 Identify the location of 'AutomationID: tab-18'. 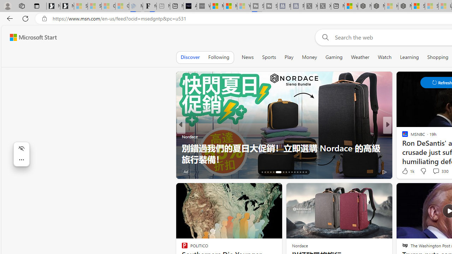
(267, 172).